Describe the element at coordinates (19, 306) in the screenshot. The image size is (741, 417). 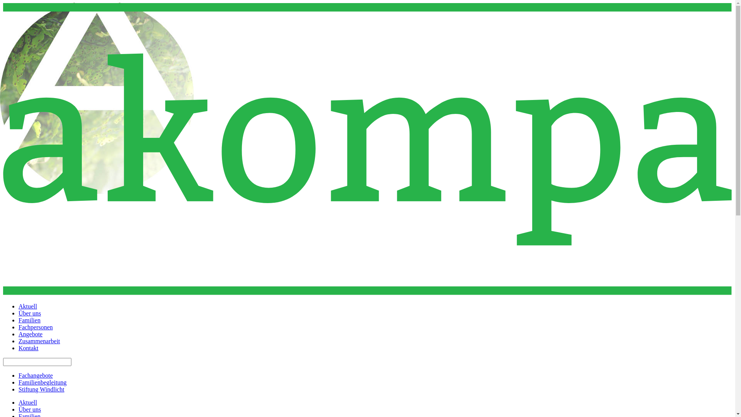
I see `'Aktuell'` at that location.